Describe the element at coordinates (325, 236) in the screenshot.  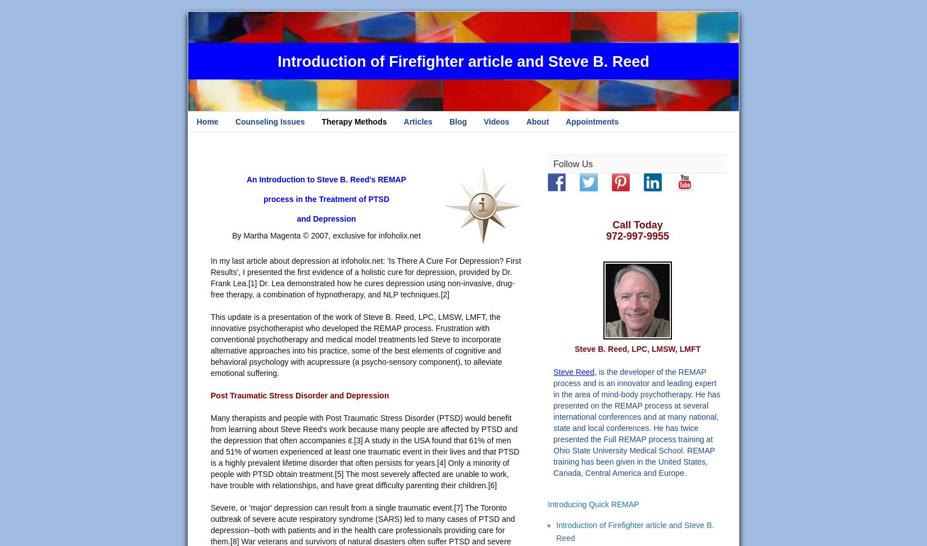
I see `'By Martha Magenta © 2007, exclusive for infoholix.net'` at that location.